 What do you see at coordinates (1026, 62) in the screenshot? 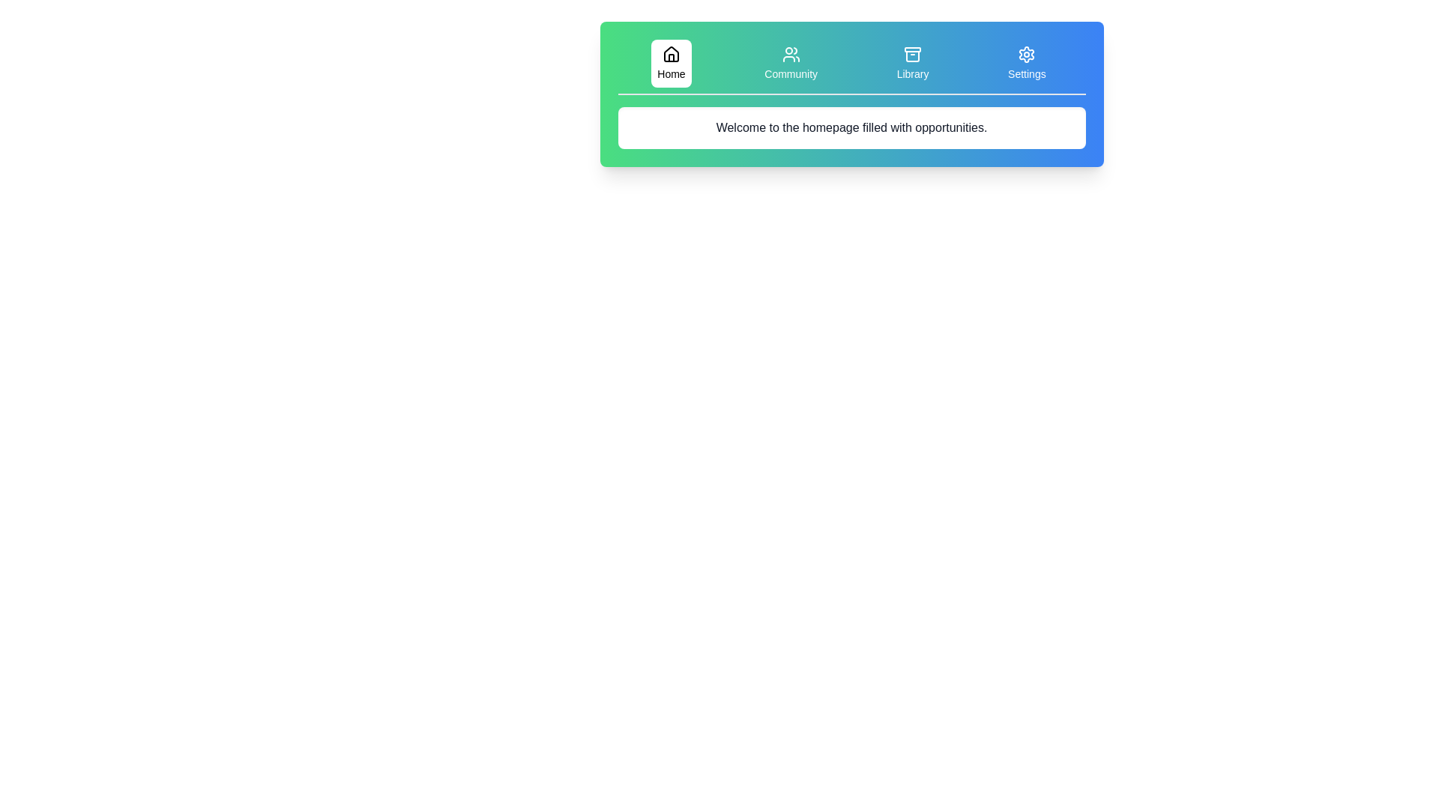
I see `the tab labeled Settings to observe its hover effect` at bounding box center [1026, 62].